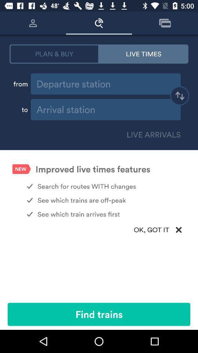 Image resolution: width=198 pixels, height=353 pixels. What do you see at coordinates (152, 134) in the screenshot?
I see `live arrivals on the right` at bounding box center [152, 134].